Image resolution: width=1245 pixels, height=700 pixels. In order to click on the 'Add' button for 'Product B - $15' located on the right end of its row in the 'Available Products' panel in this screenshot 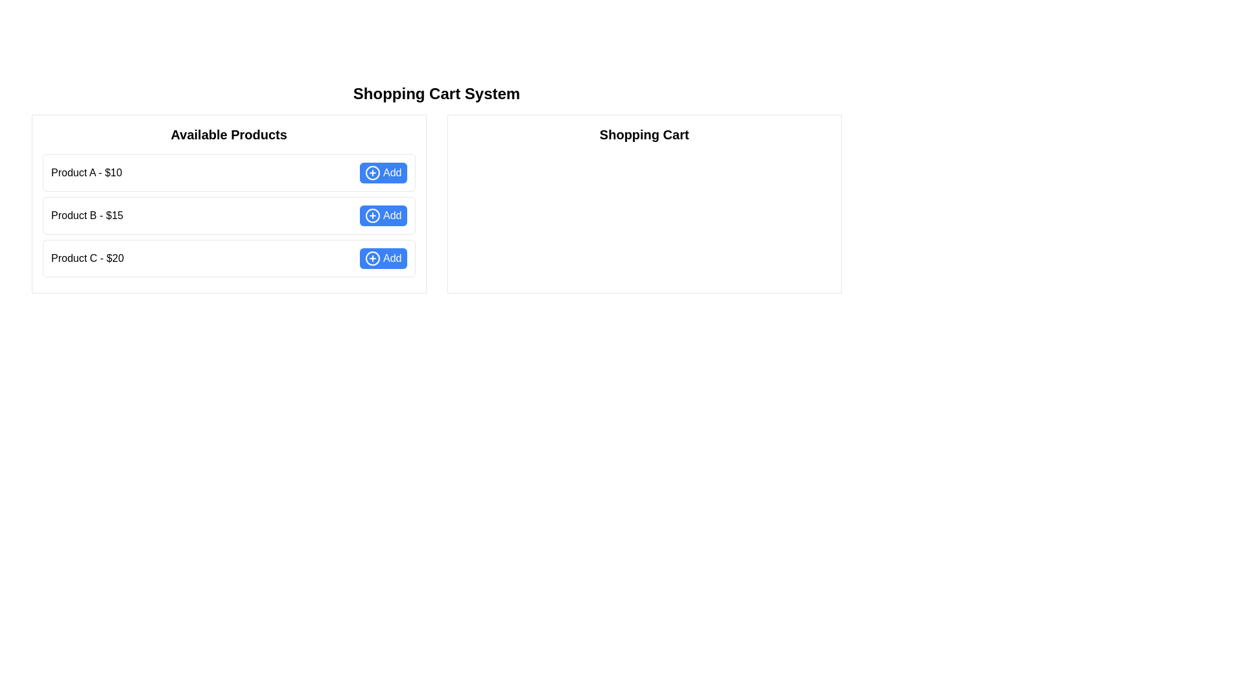, I will do `click(383, 215)`.